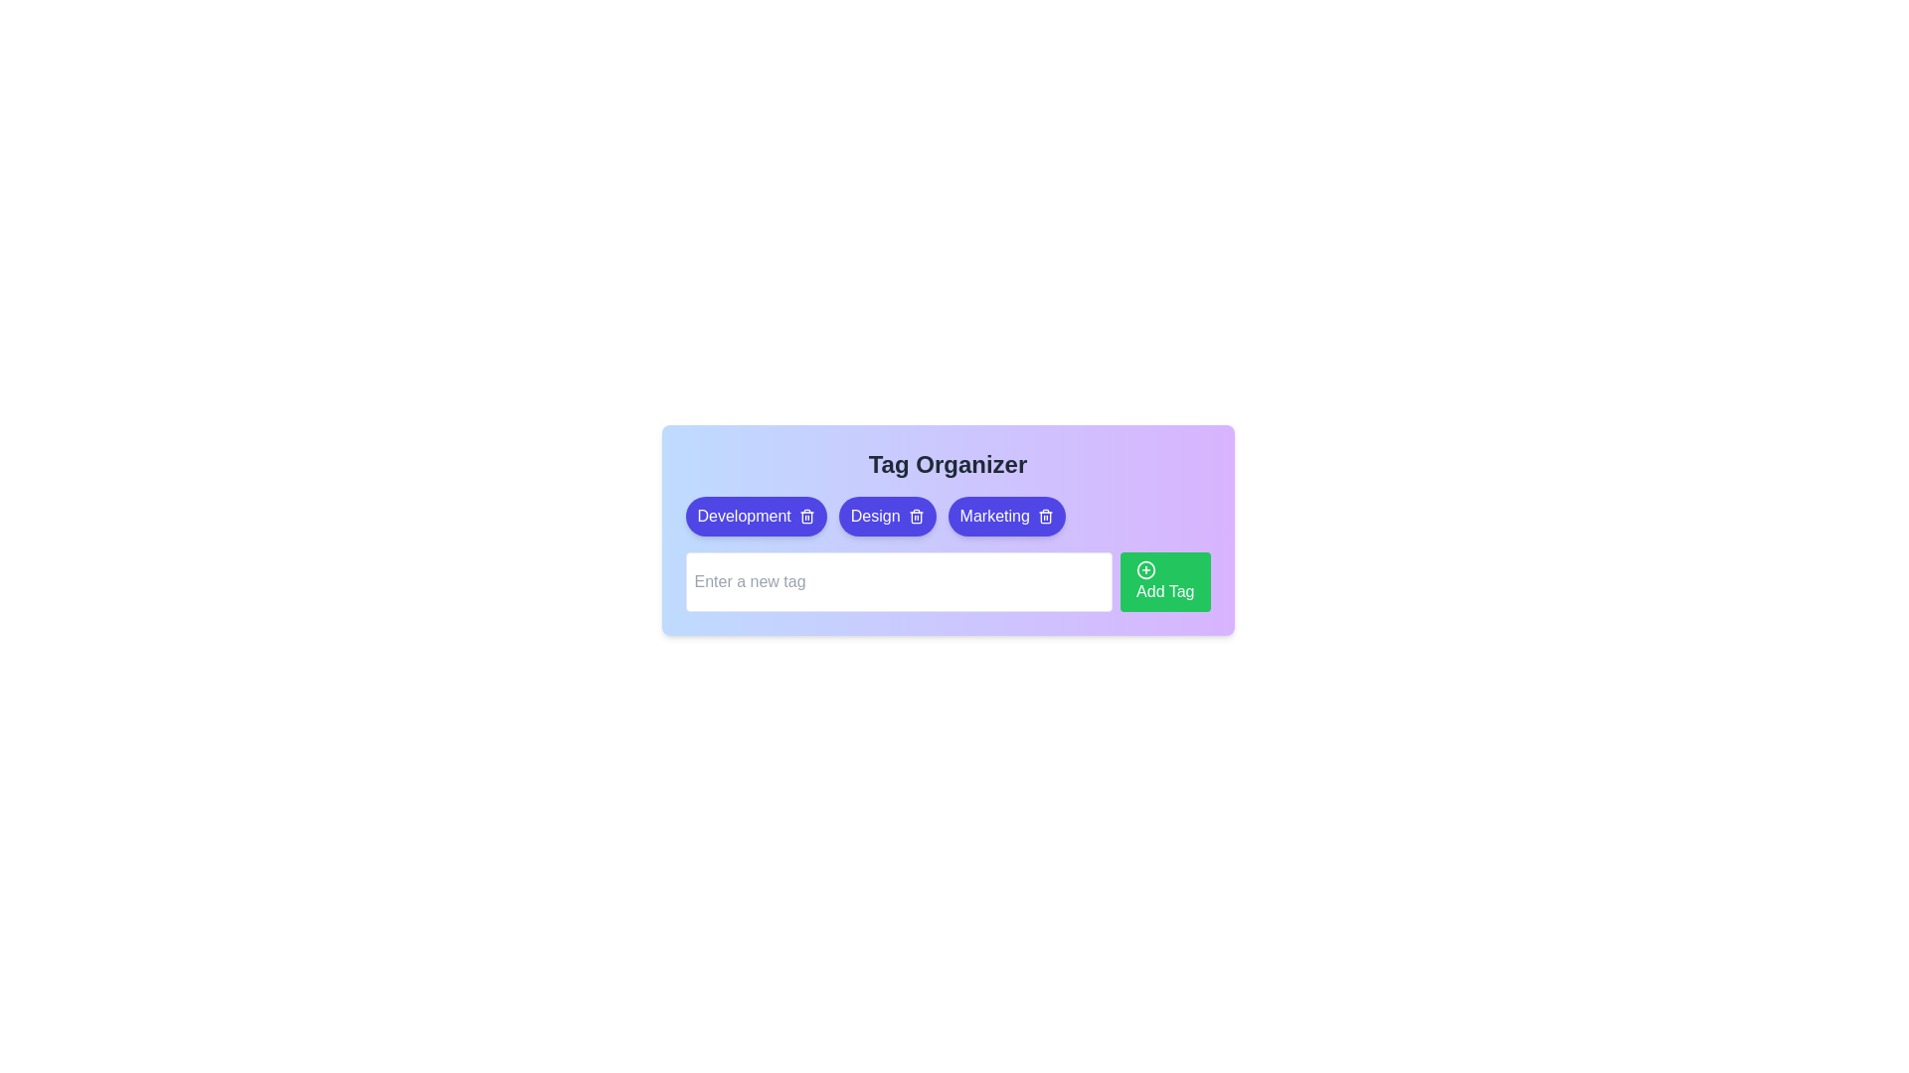 The width and height of the screenshot is (1909, 1073). Describe the element at coordinates (1165, 581) in the screenshot. I see `the green rectangular button with rounded corners labeled 'Add Tag'` at that location.